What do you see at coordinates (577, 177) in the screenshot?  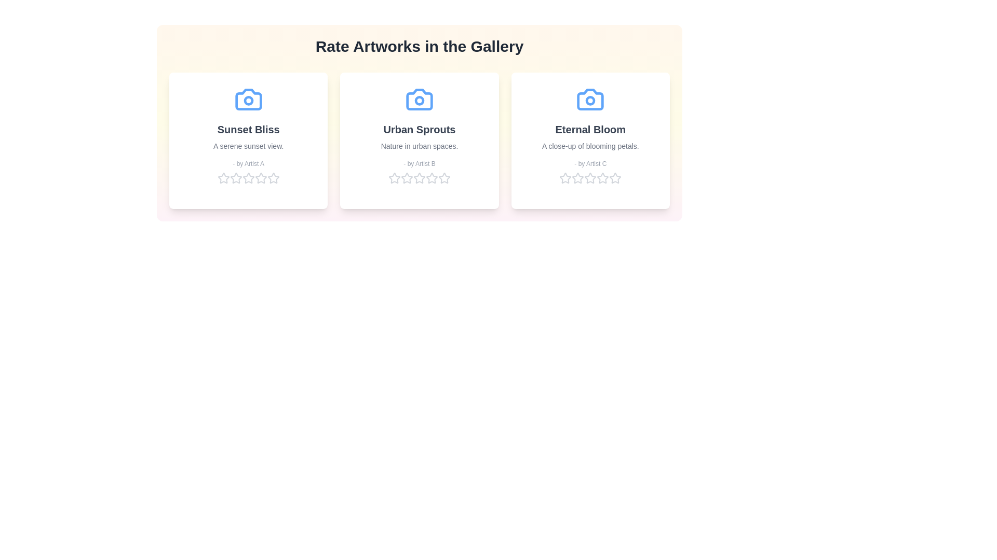 I see `the star corresponding to 2 for the artwork 'Eternal Bloom' to set its rating` at bounding box center [577, 177].